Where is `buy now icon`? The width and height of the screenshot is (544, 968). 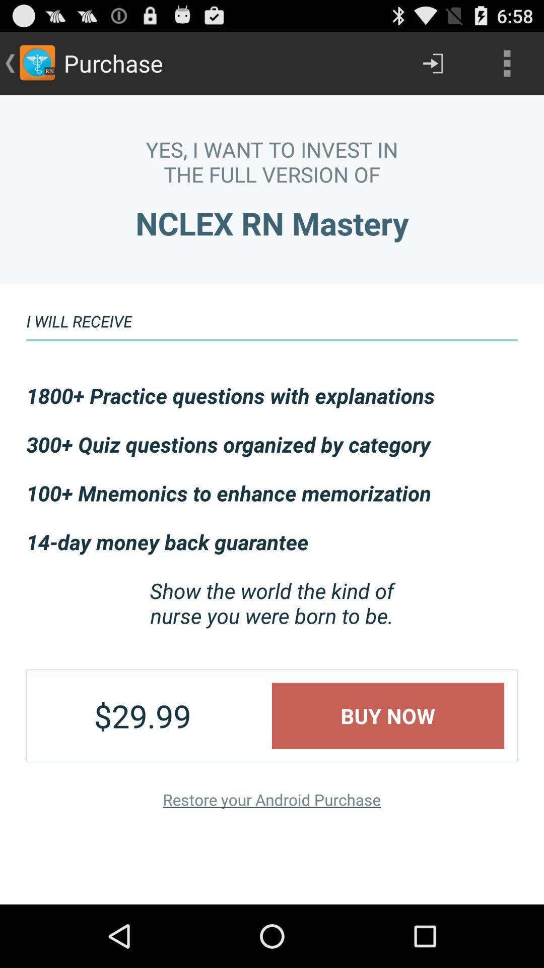 buy now icon is located at coordinates (387, 715).